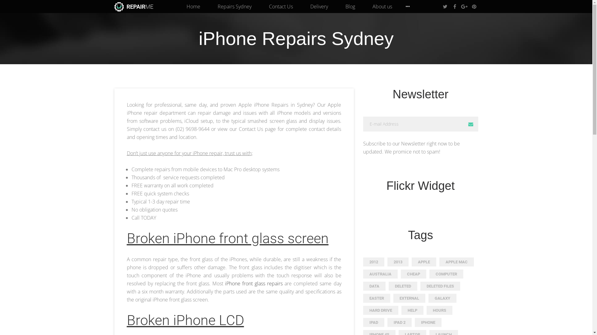  Describe the element at coordinates (442, 298) in the screenshot. I see `'GALAXY'` at that location.